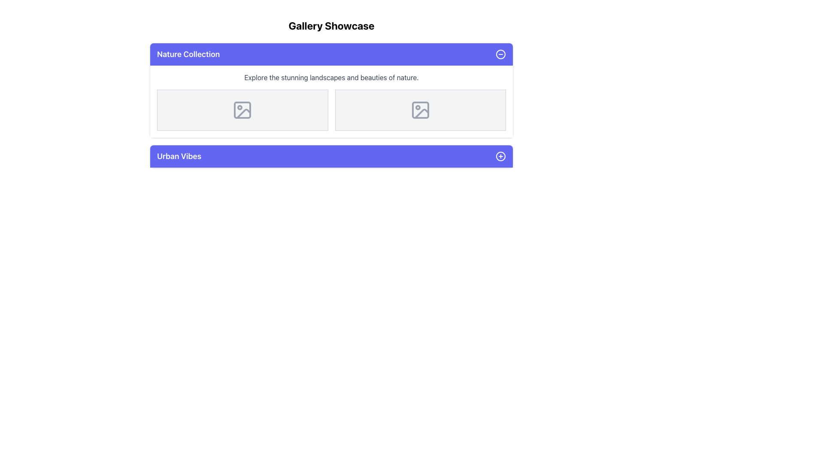  Describe the element at coordinates (500, 54) in the screenshot. I see `the circular icon with a minus symbol located in the top-right corner of the header section of the 'Nature Collection' card` at that location.